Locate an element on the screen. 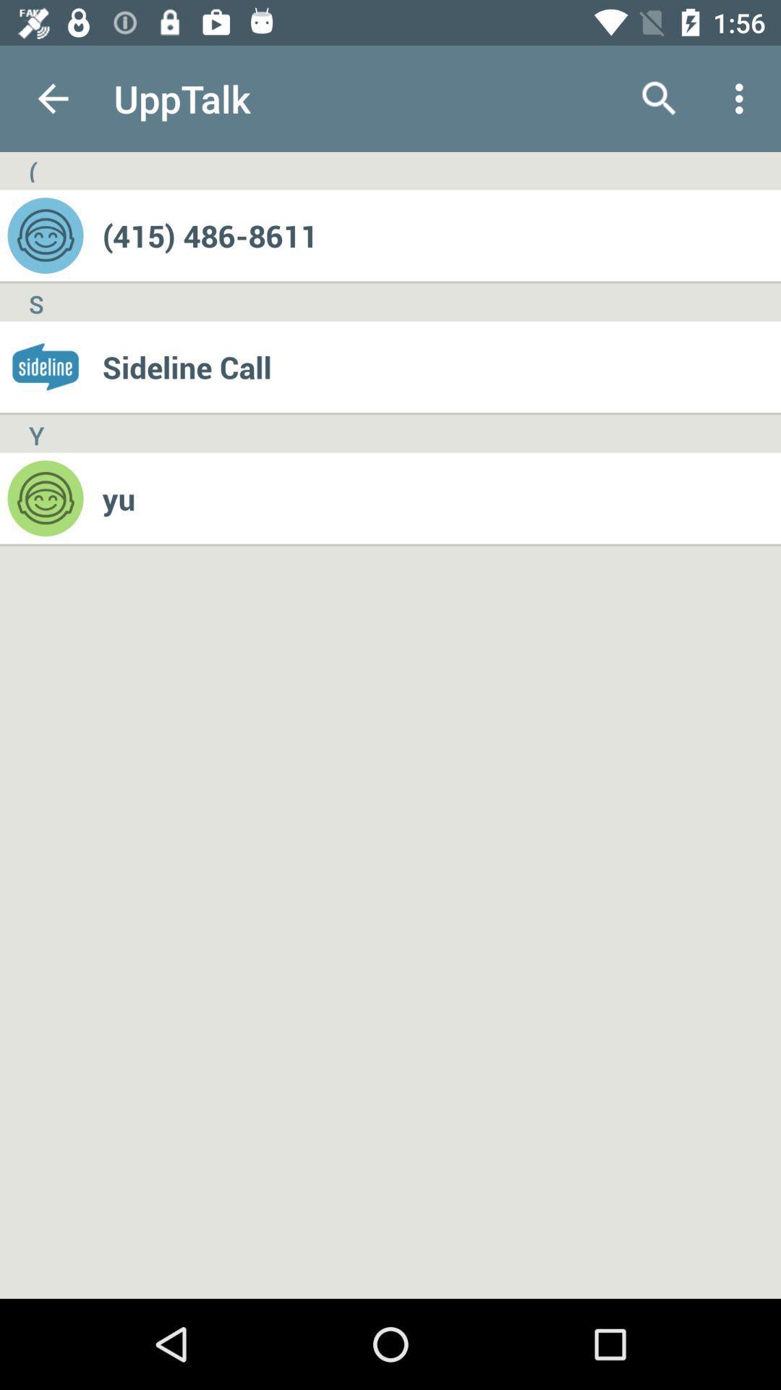  app next to the upptalk app is located at coordinates (52, 98).